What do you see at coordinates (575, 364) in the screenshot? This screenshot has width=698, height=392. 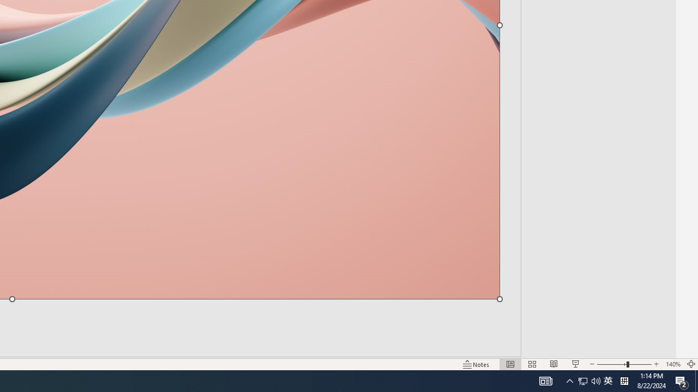 I see `'Slide Show'` at bounding box center [575, 364].